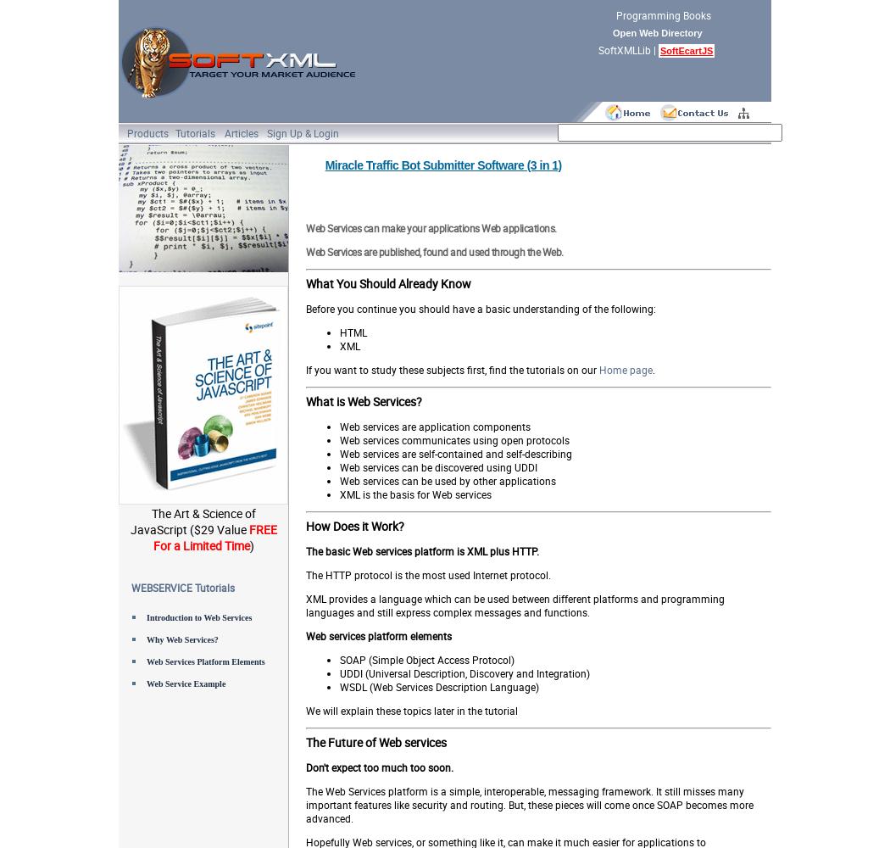 This screenshot has height=848, width=890. What do you see at coordinates (339, 660) in the screenshot?
I see `'SOAP (Simple Object Access Protocol)'` at bounding box center [339, 660].